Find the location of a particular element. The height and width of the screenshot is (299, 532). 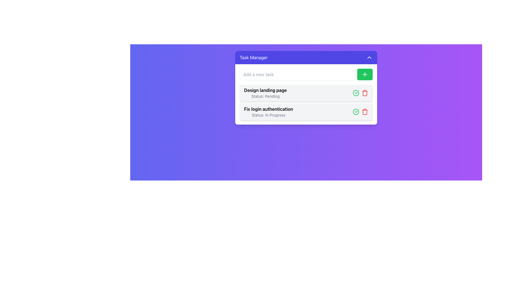

the Text Label that displays the title of a task, positioned above the text 'Status: Pending' in the task manager interface is located at coordinates (265, 90).